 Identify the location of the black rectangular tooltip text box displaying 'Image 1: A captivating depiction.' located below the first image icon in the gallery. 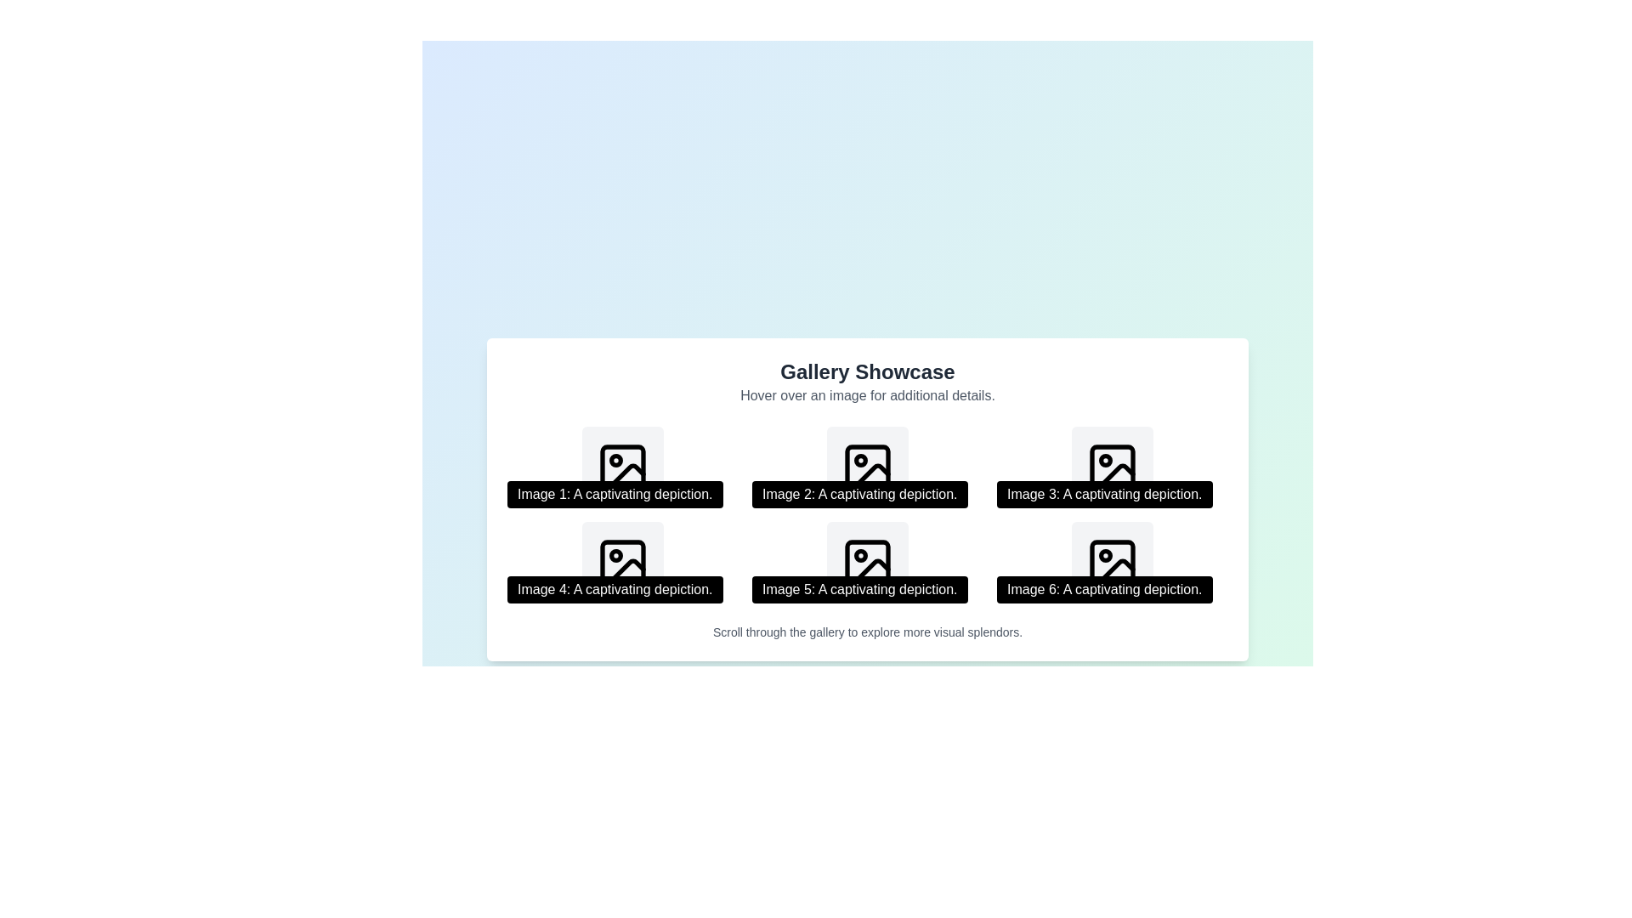
(622, 467).